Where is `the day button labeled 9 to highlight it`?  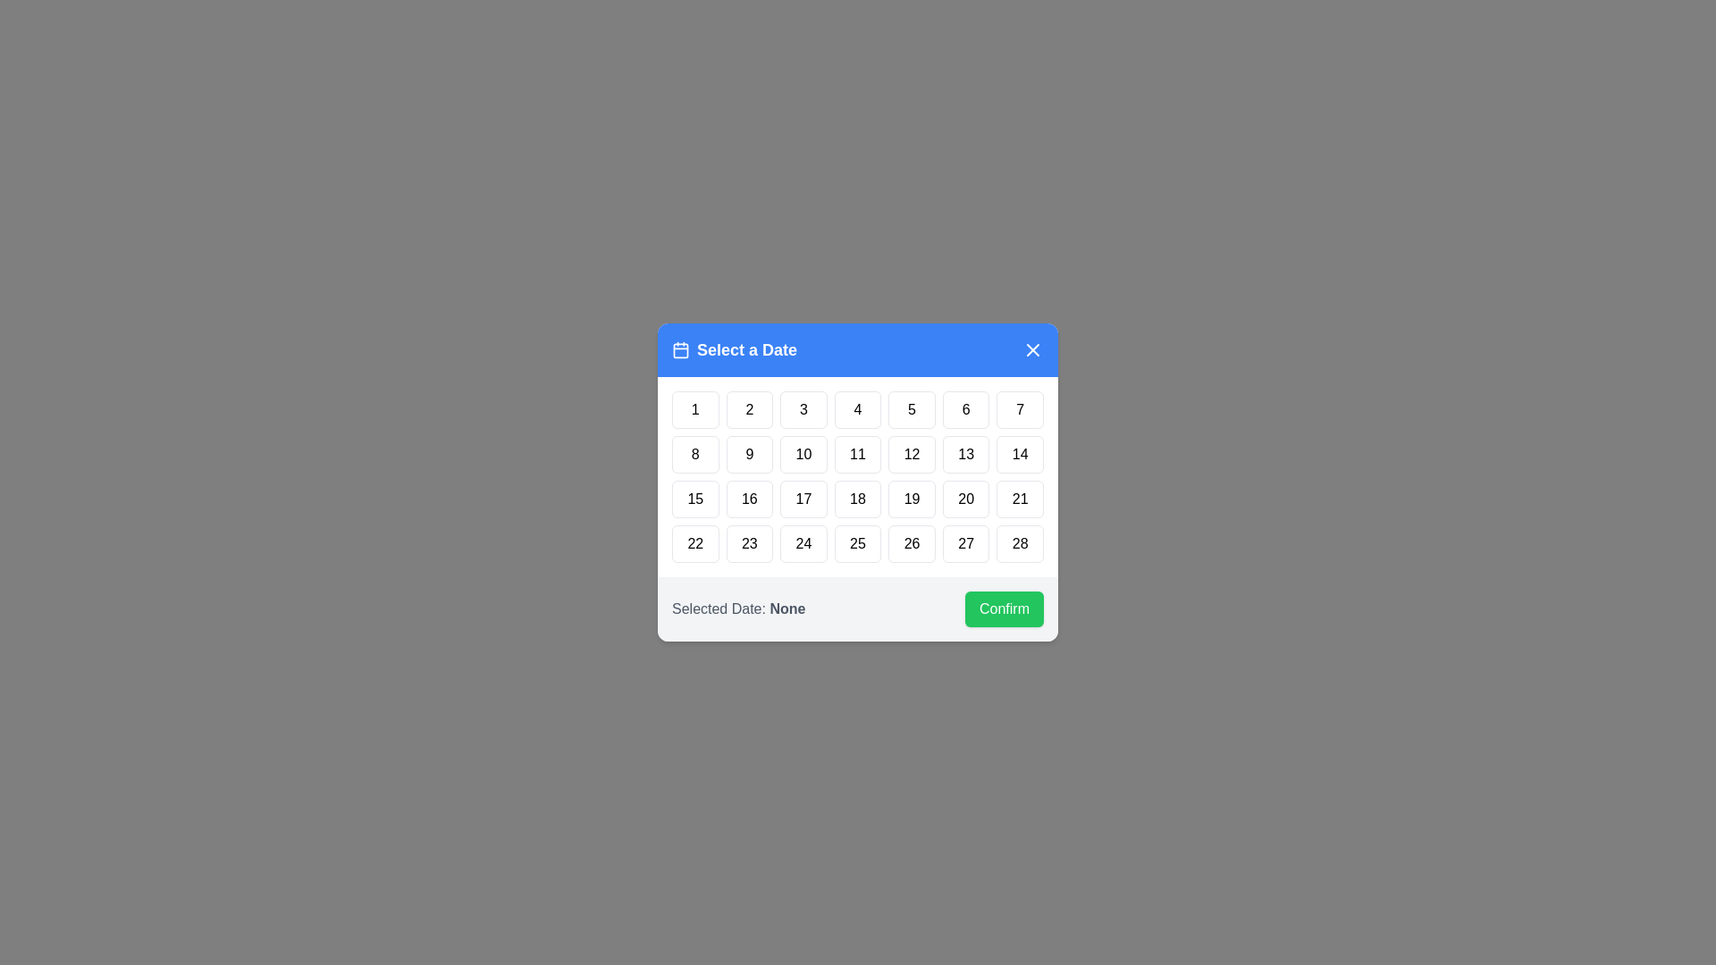 the day button labeled 9 to highlight it is located at coordinates (750, 454).